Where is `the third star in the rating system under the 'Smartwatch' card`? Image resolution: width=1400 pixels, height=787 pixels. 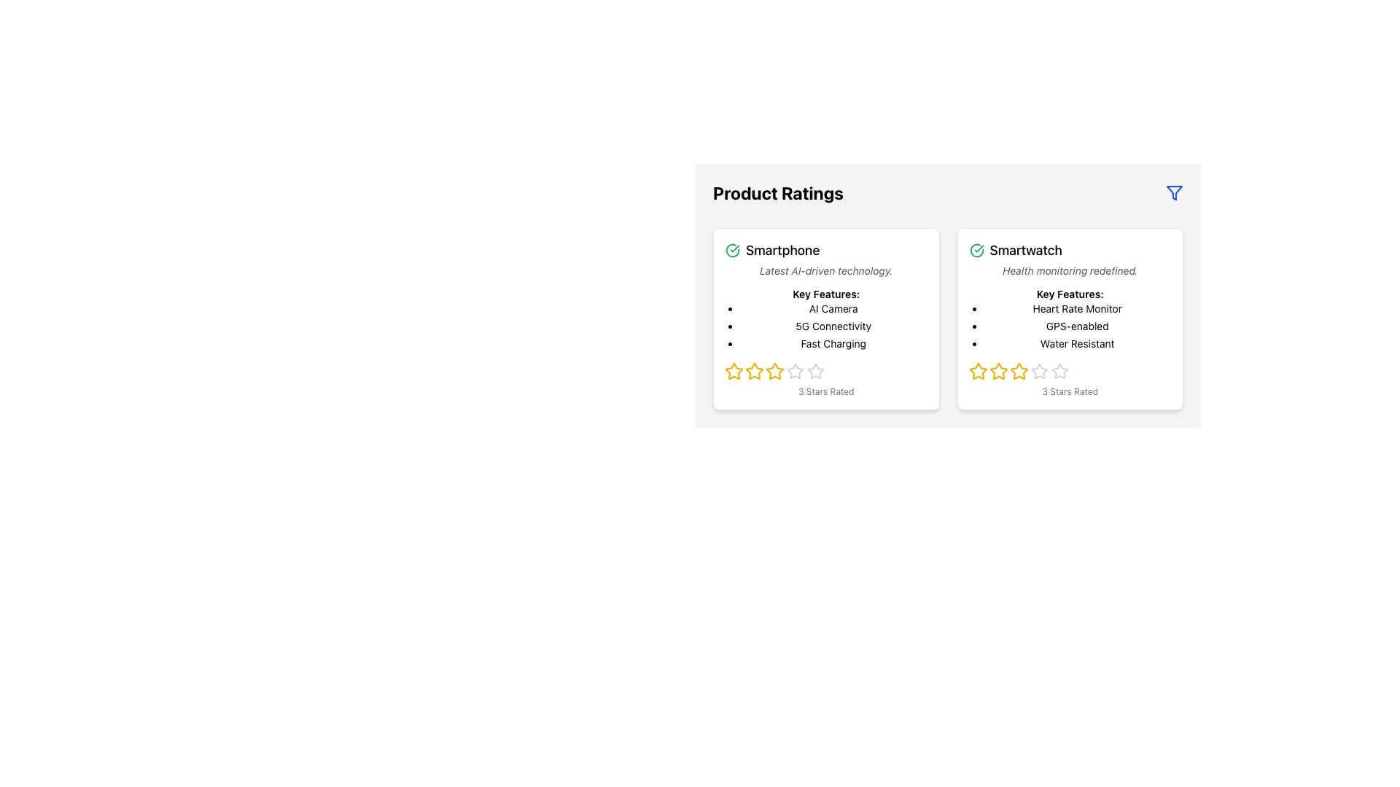
the third star in the rating system under the 'Smartwatch' card is located at coordinates (997, 370).